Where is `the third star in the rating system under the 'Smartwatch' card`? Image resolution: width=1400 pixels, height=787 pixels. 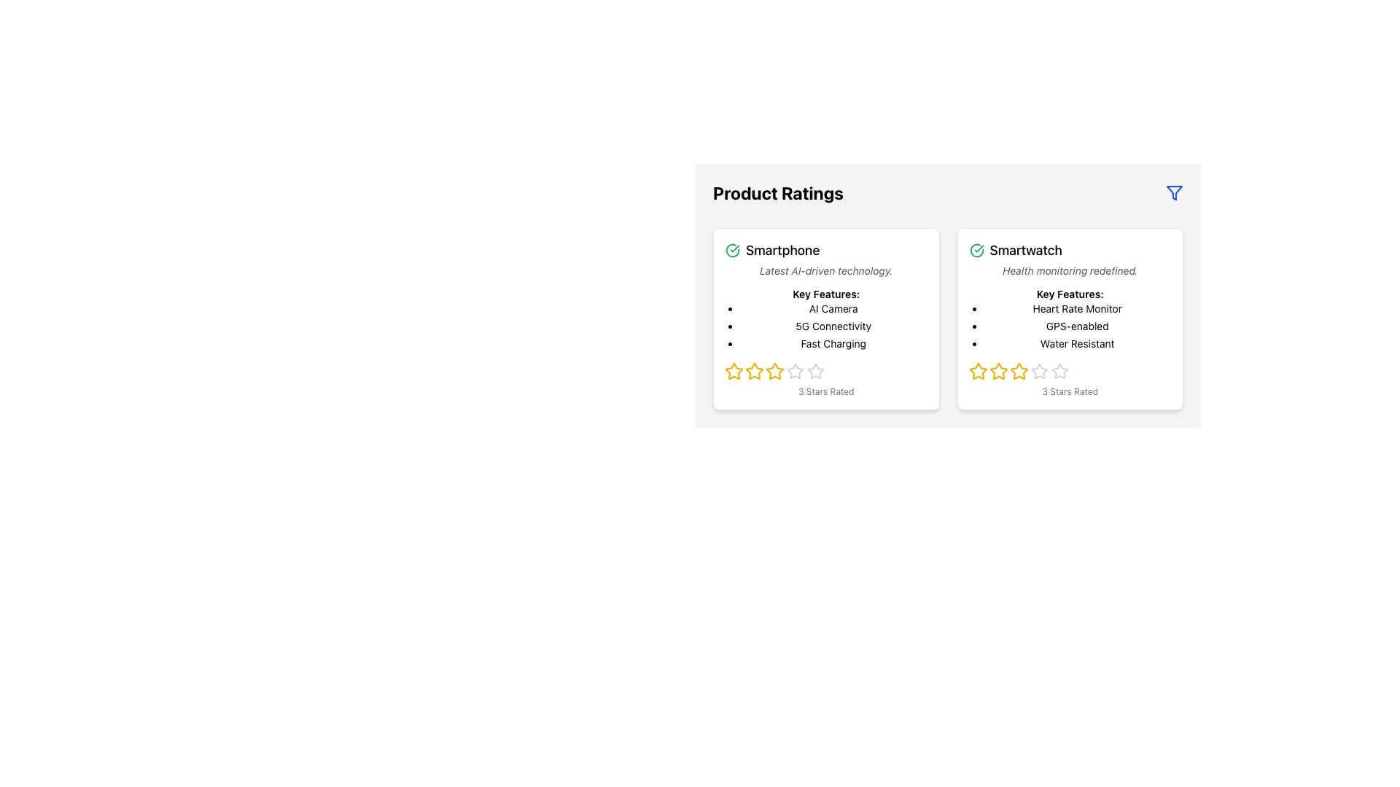
the third star in the rating system under the 'Smartwatch' card is located at coordinates (997, 370).